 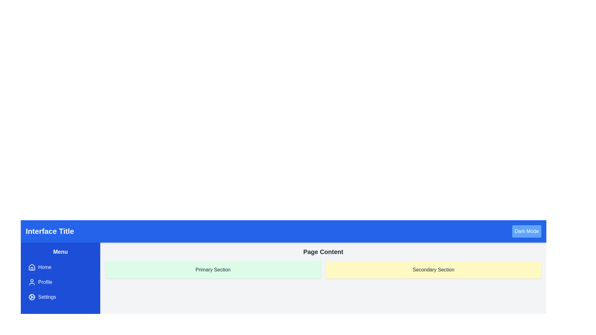 I want to click on the profile button located in the vertical menu on the left side of the interface, so click(x=40, y=282).